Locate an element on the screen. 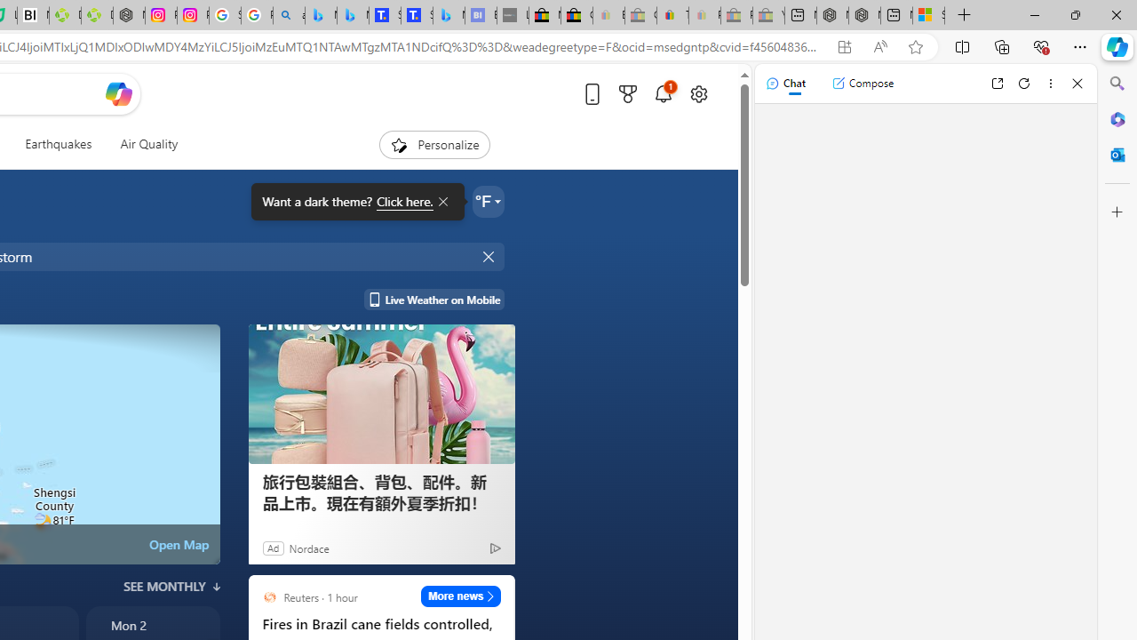 The height and width of the screenshot is (640, 1137). 'Earthquakes' is located at coordinates (58, 144).